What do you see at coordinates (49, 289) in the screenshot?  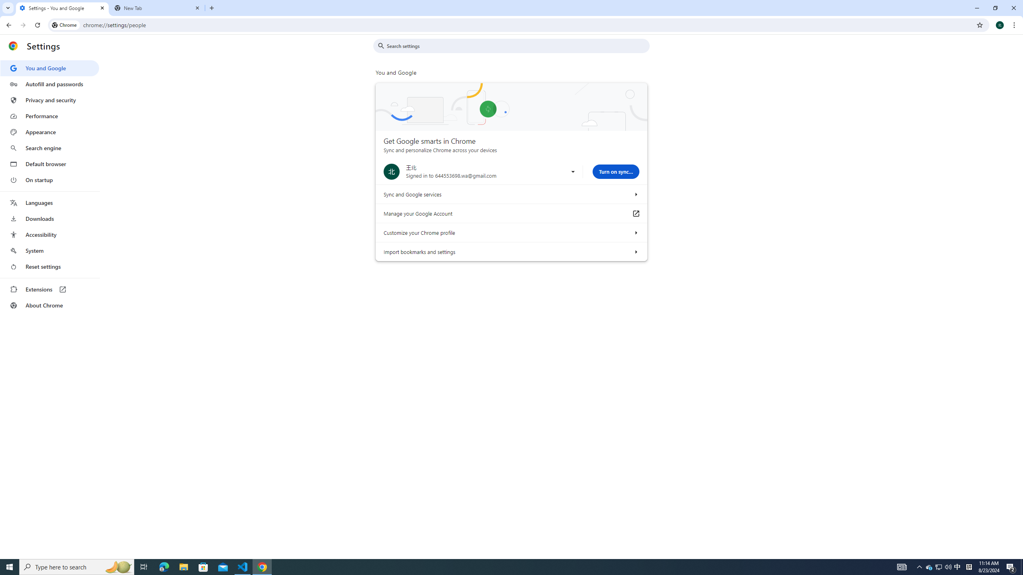 I see `'Extensions'` at bounding box center [49, 289].